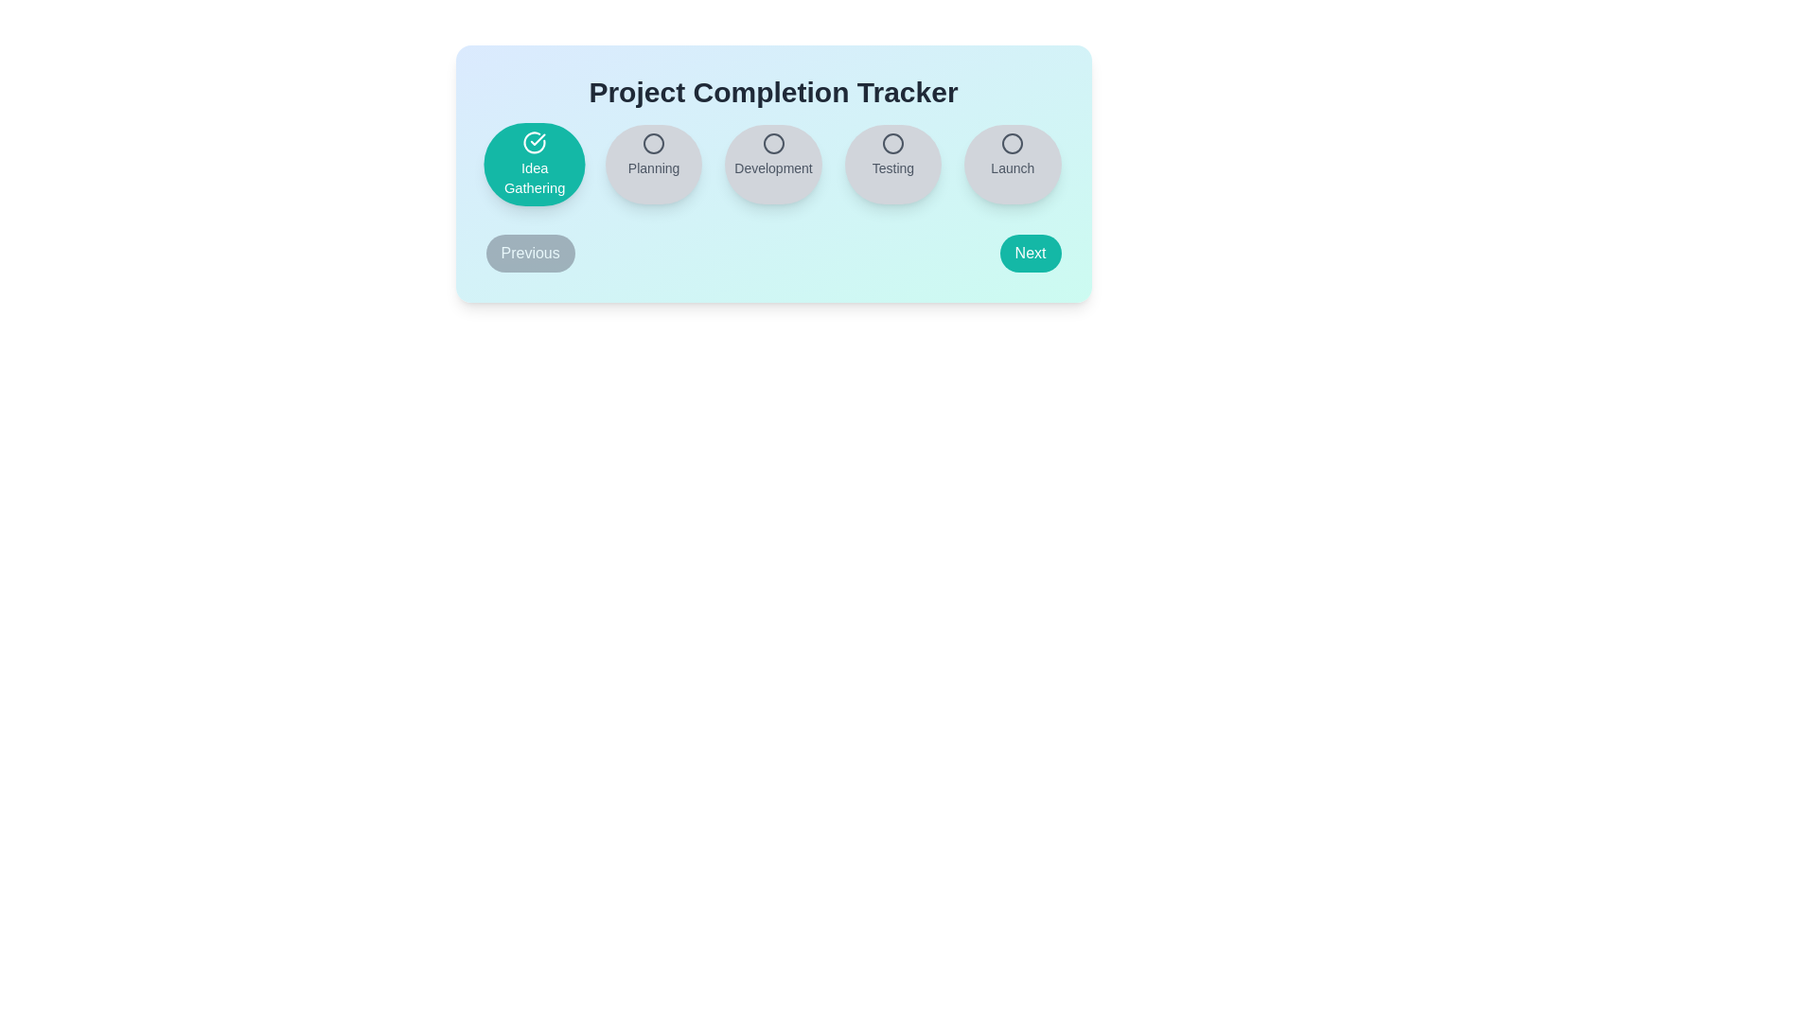  Describe the element at coordinates (533, 141) in the screenshot. I see `the completion icon in the 'Idea Gathering' step, which is located in the top left teal-colored circular step of the horizontal stepper layout` at that location.